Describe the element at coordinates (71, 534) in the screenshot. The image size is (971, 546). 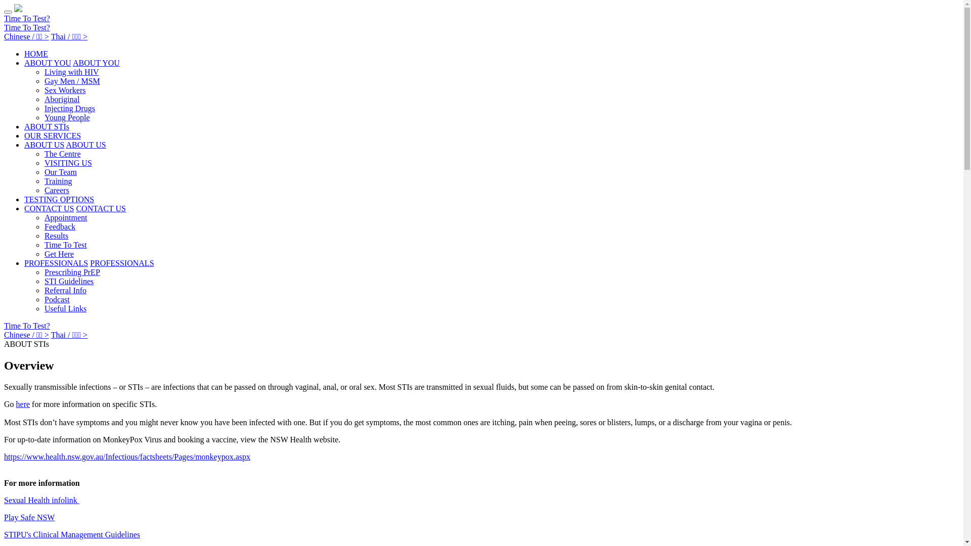
I see `'STIPU's Clinical Management Guidelines'` at that location.